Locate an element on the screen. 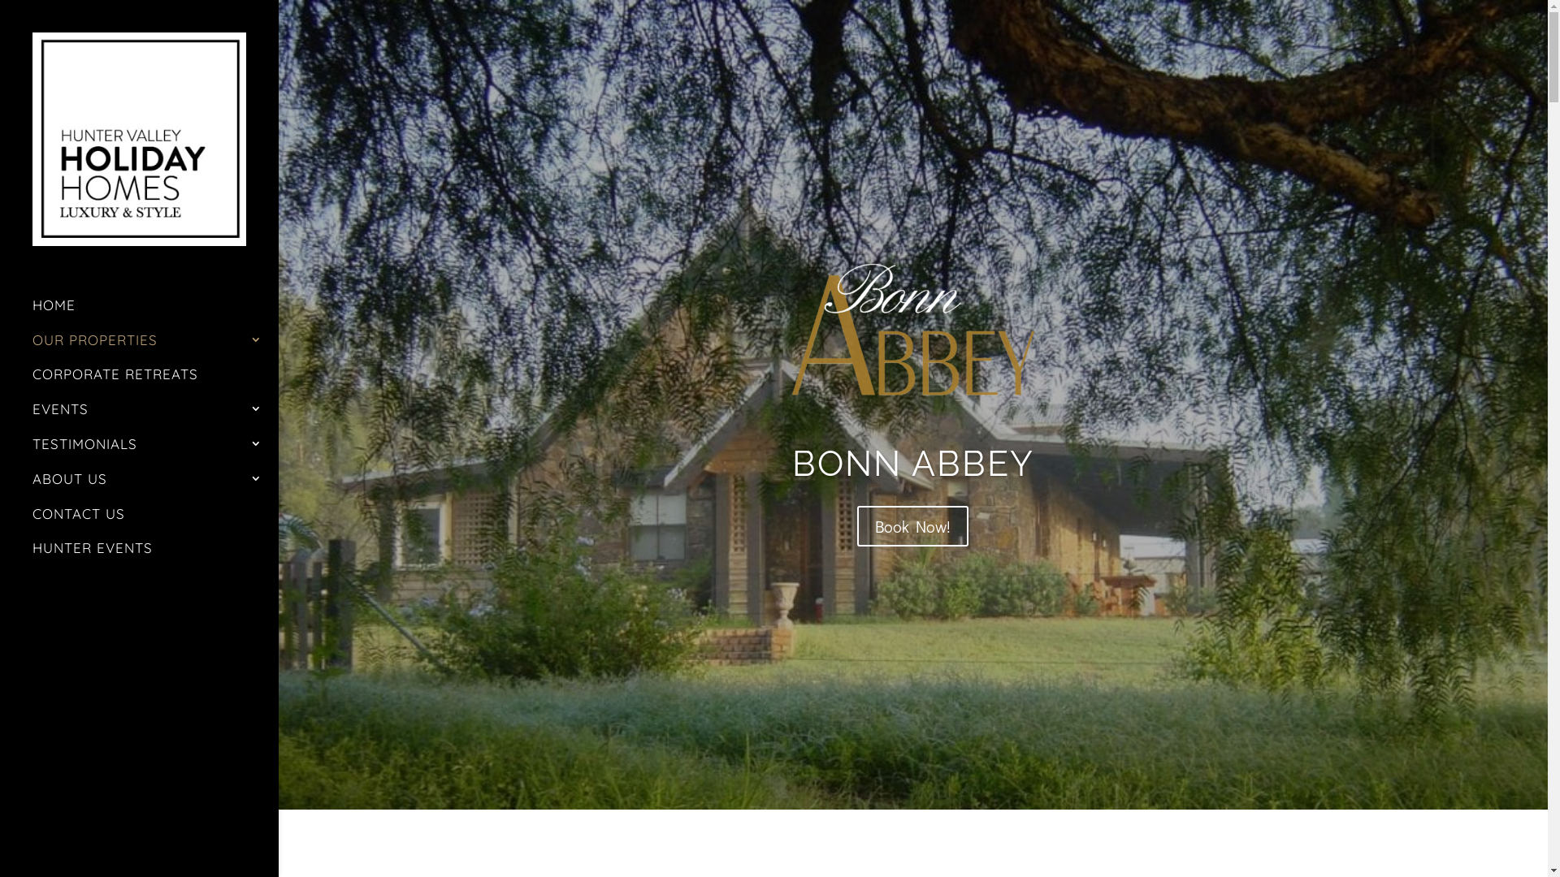  'Book Now!' is located at coordinates (912, 526).